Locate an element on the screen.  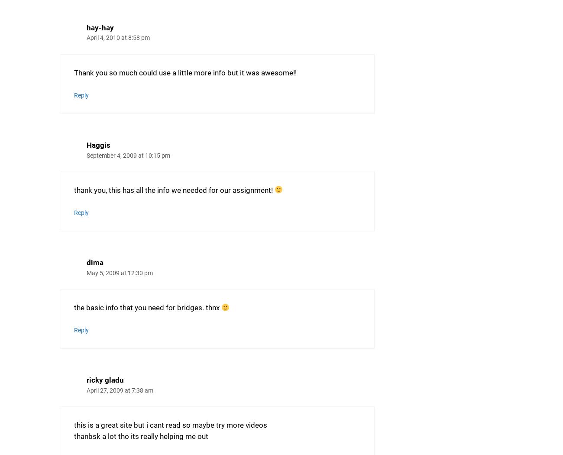
'April 4, 2010 at 8:58 pm' is located at coordinates (86, 38).